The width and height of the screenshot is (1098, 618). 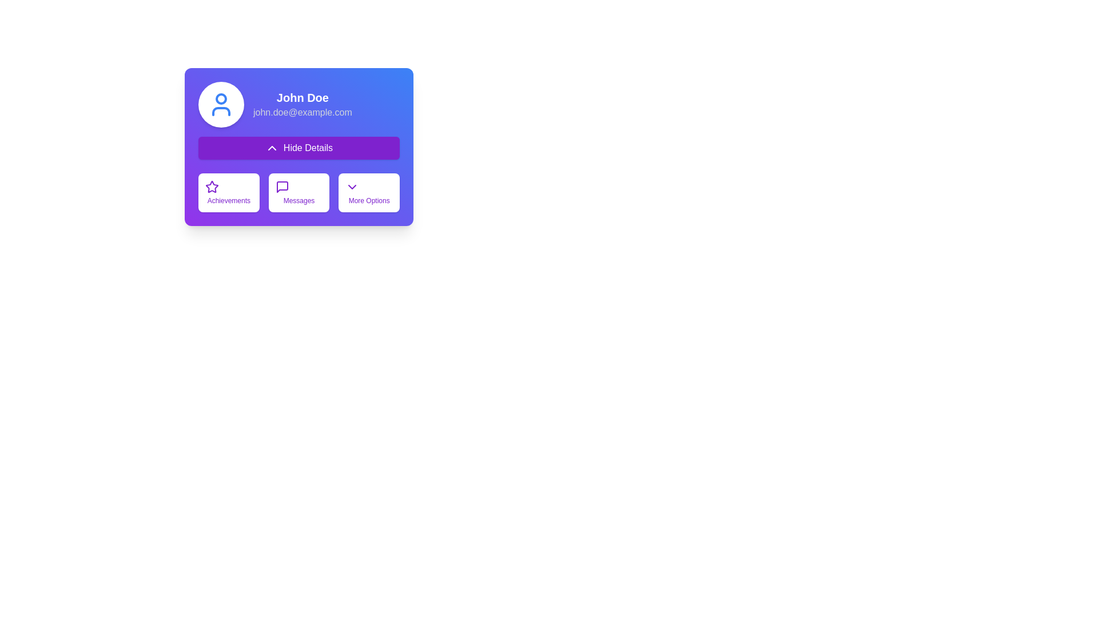 What do you see at coordinates (221, 104) in the screenshot?
I see `the profile picture image that serves as a visual representation or placeholder for a user's avatar, which is positioned to the left of the name and email text elements in the card interface` at bounding box center [221, 104].